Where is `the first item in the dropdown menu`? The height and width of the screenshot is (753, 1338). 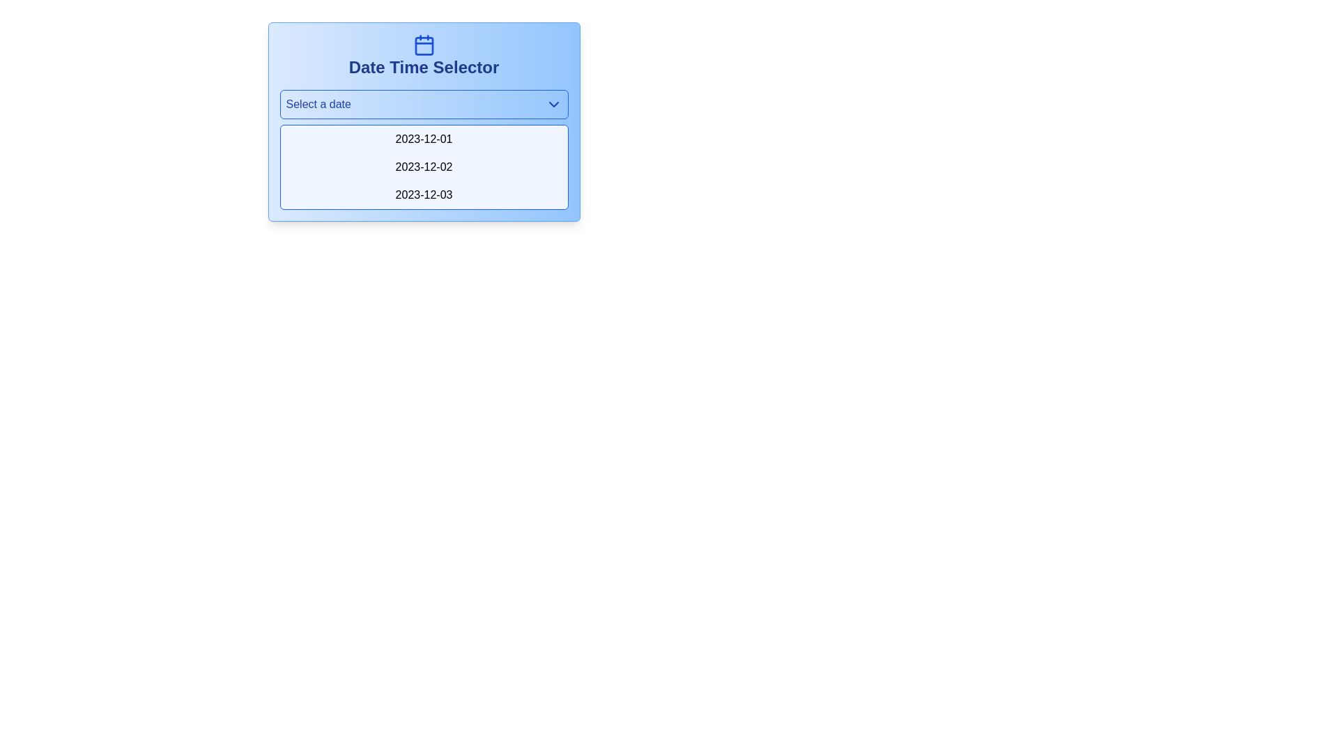 the first item in the dropdown menu is located at coordinates (423, 139).